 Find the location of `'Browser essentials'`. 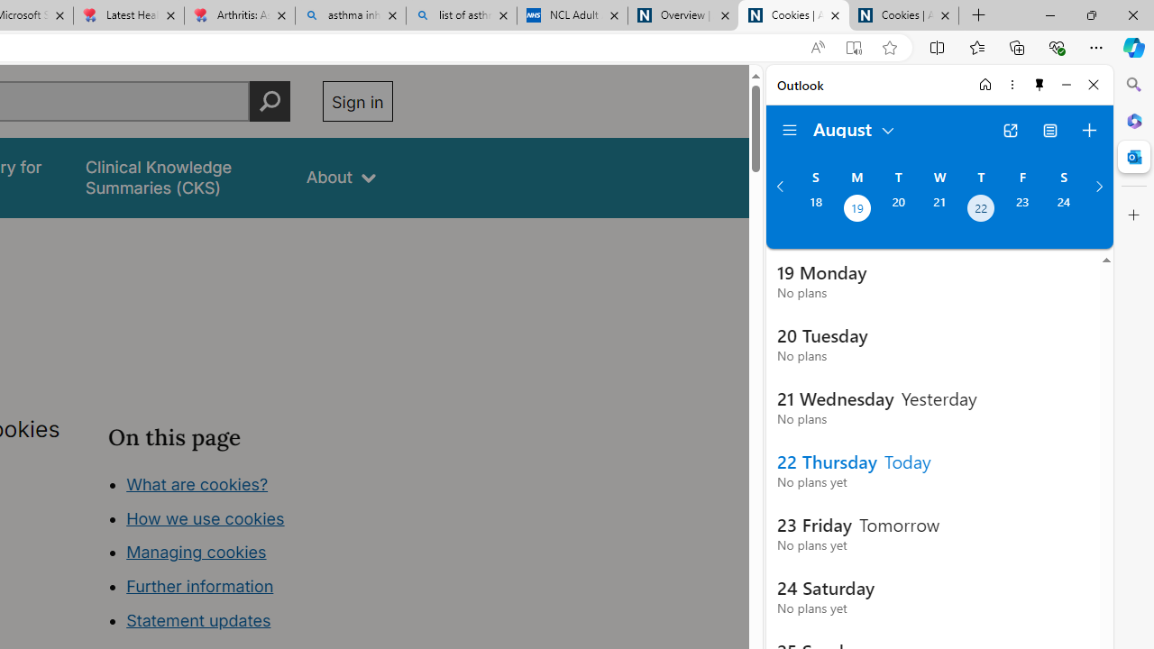

'Browser essentials' is located at coordinates (1056, 46).